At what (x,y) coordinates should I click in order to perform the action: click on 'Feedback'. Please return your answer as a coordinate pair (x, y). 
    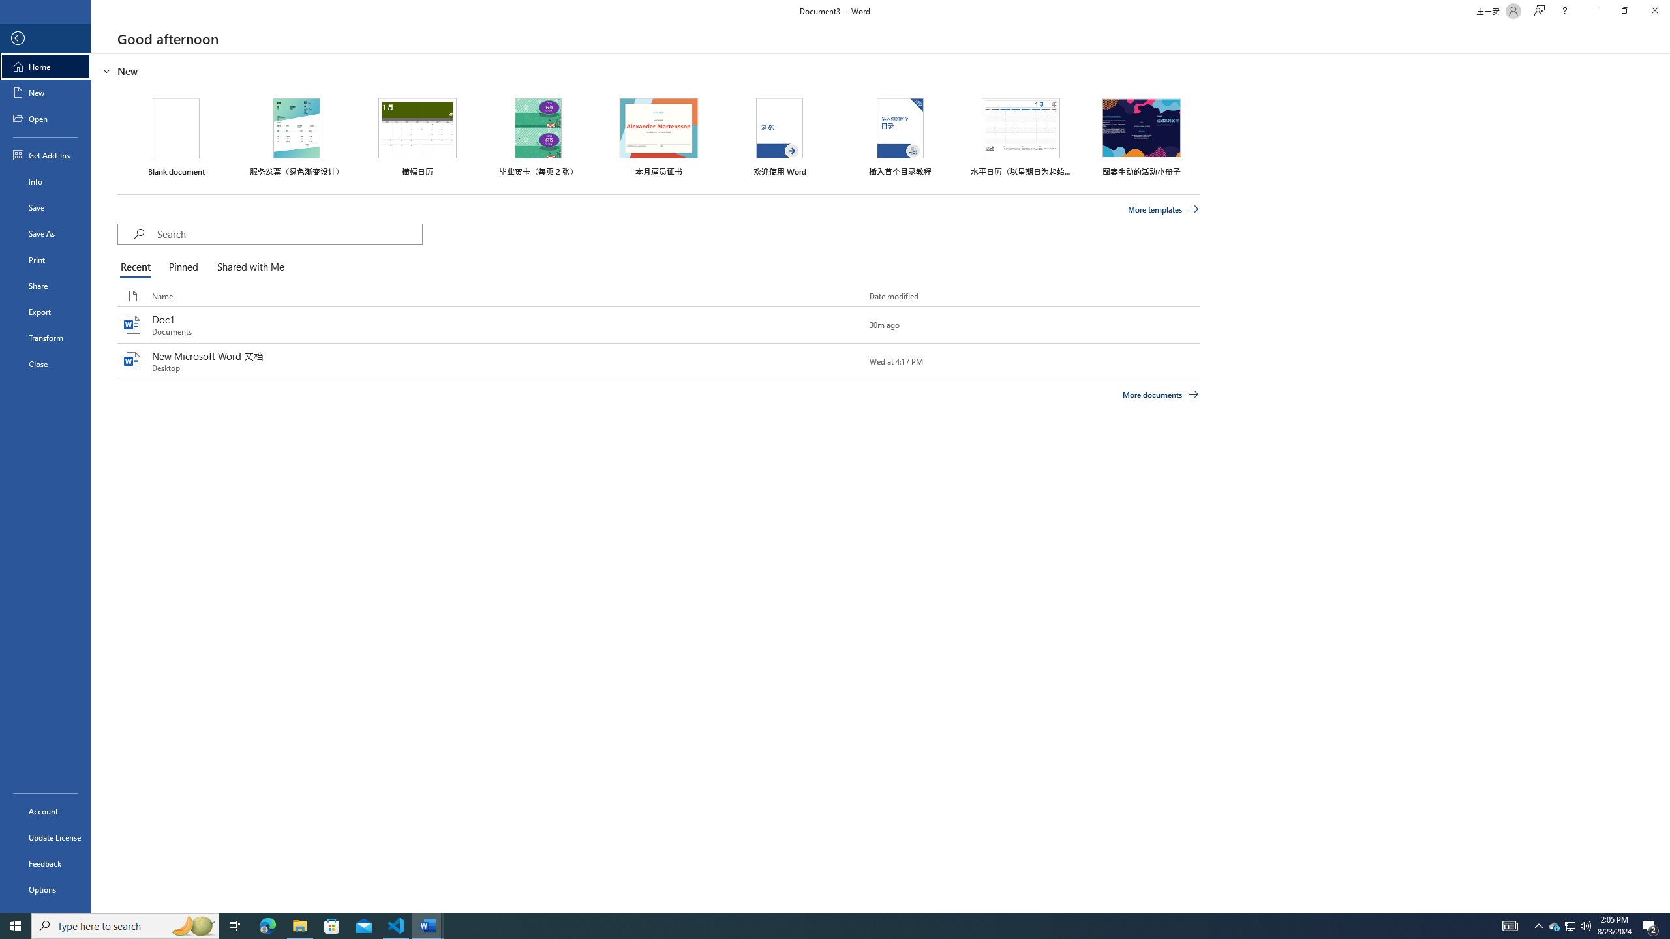
    Looking at the image, I should click on (45, 863).